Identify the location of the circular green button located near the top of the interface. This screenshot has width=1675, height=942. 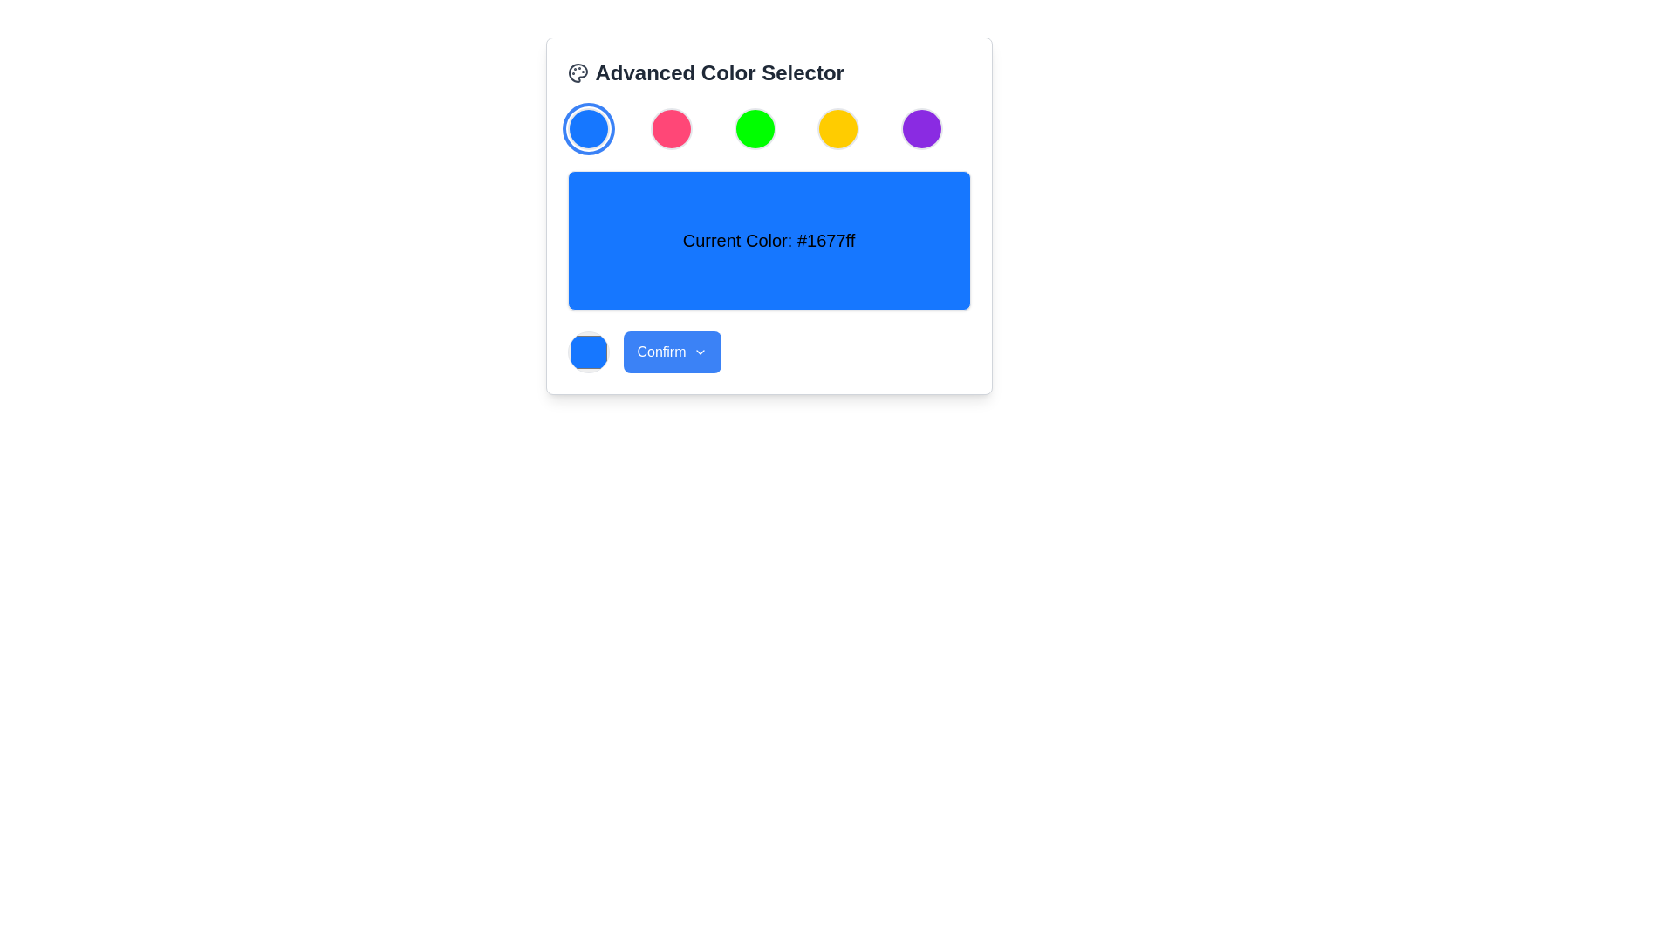
(755, 127).